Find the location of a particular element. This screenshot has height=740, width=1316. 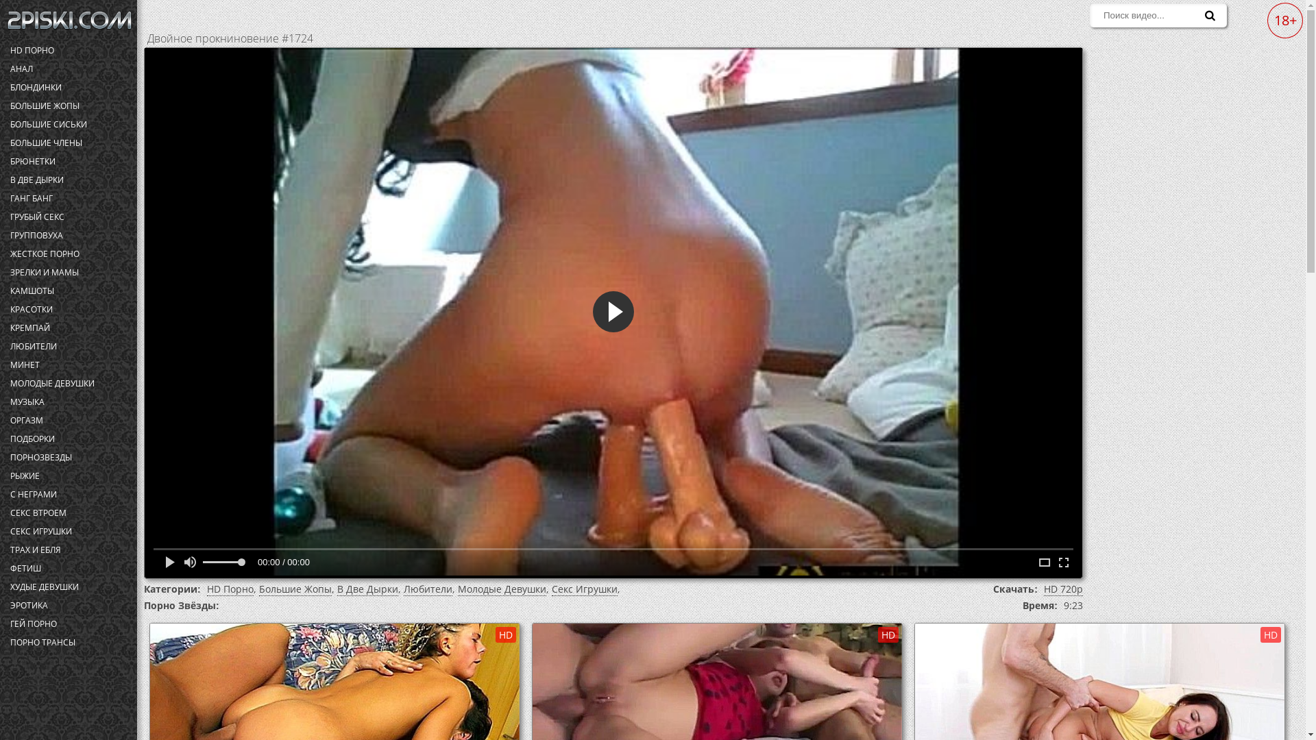

'HD 720p' is located at coordinates (1062, 589).